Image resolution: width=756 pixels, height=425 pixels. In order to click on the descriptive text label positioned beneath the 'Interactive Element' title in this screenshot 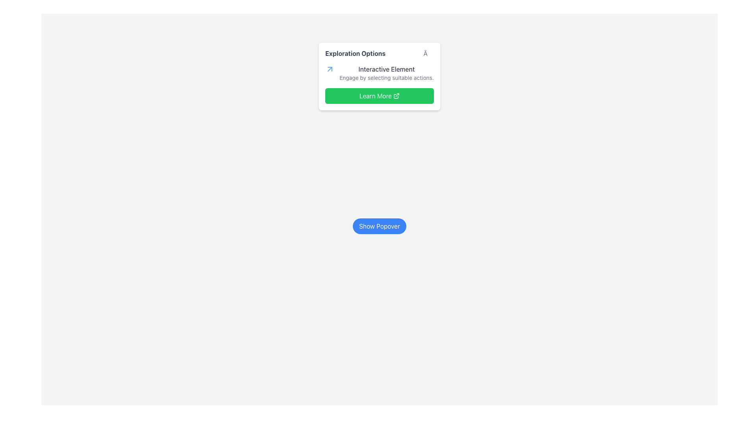, I will do `click(387, 78)`.